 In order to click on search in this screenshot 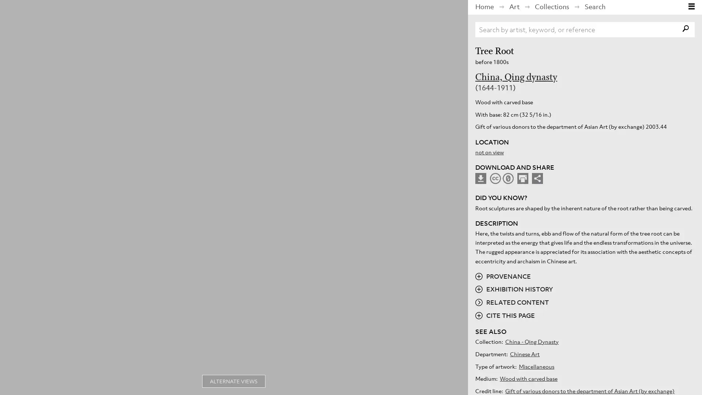, I will do `click(685, 29)`.